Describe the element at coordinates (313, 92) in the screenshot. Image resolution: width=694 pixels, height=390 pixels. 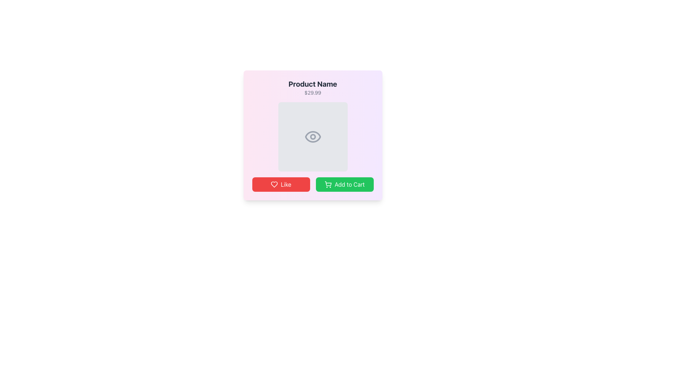
I see `the Text Label displaying the price information of the associated product, which is located below the title 'Product Name' and above the product image` at that location.